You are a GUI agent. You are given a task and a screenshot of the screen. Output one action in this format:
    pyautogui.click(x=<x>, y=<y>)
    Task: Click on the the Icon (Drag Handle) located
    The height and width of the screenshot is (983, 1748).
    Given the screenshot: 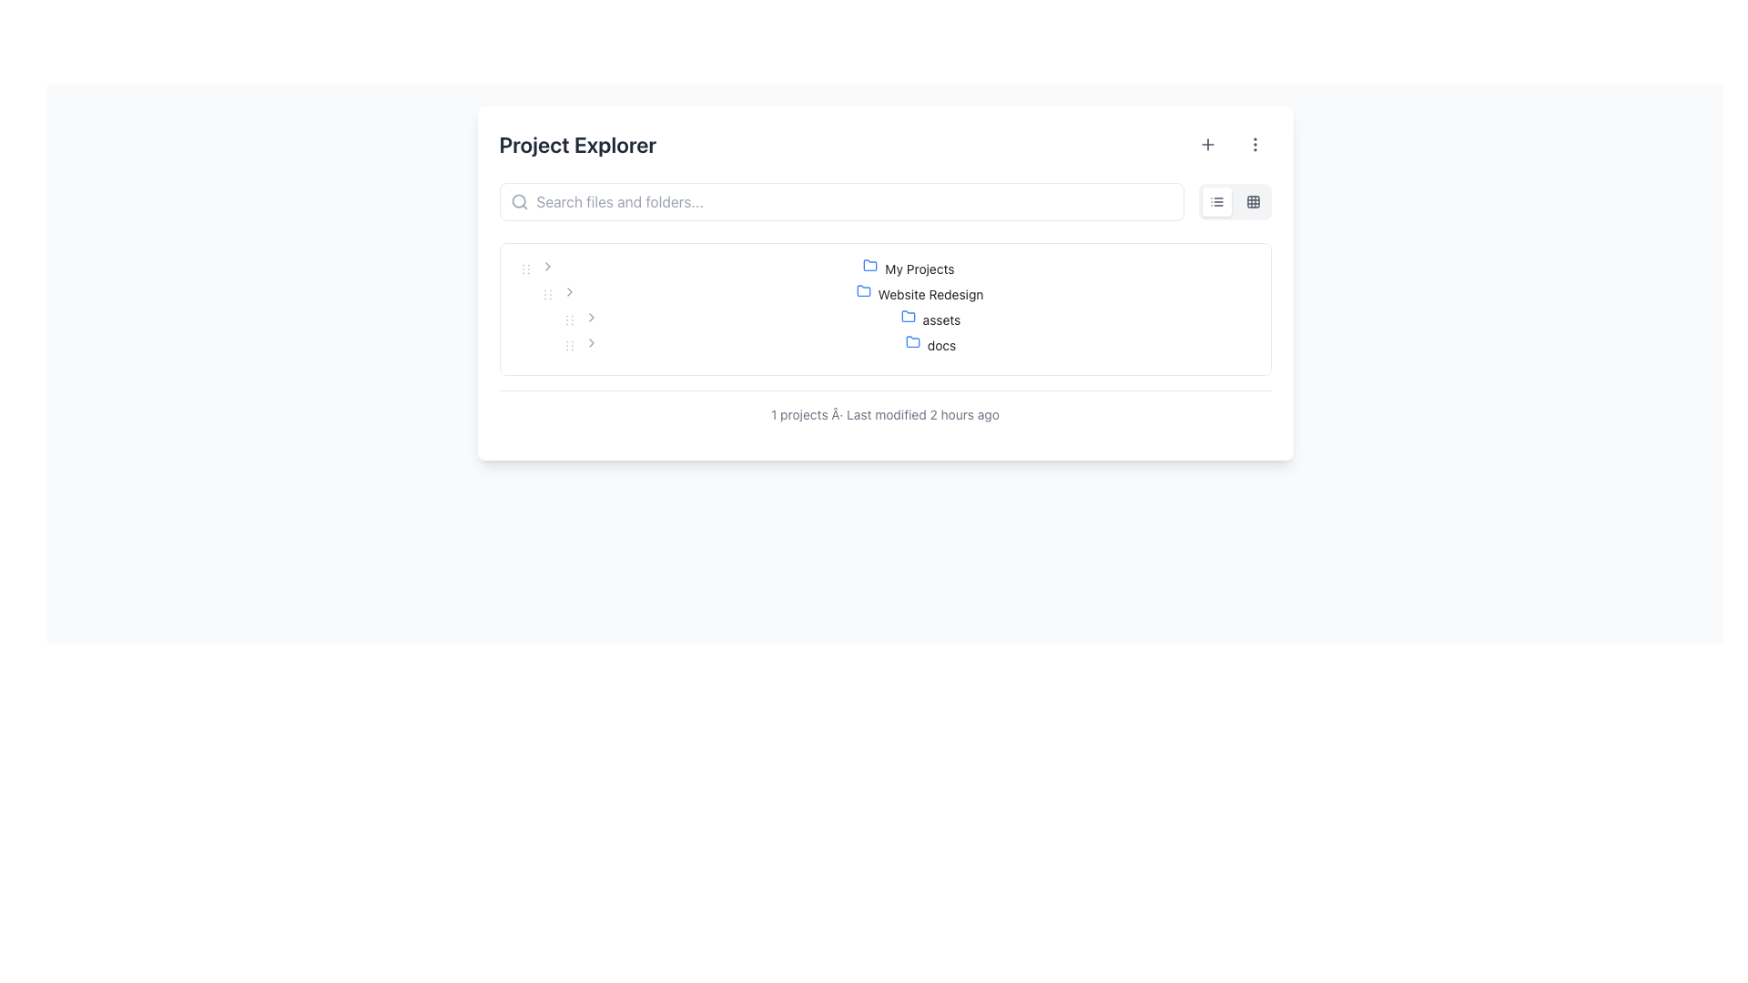 What is the action you would take?
    pyautogui.click(x=546, y=293)
    